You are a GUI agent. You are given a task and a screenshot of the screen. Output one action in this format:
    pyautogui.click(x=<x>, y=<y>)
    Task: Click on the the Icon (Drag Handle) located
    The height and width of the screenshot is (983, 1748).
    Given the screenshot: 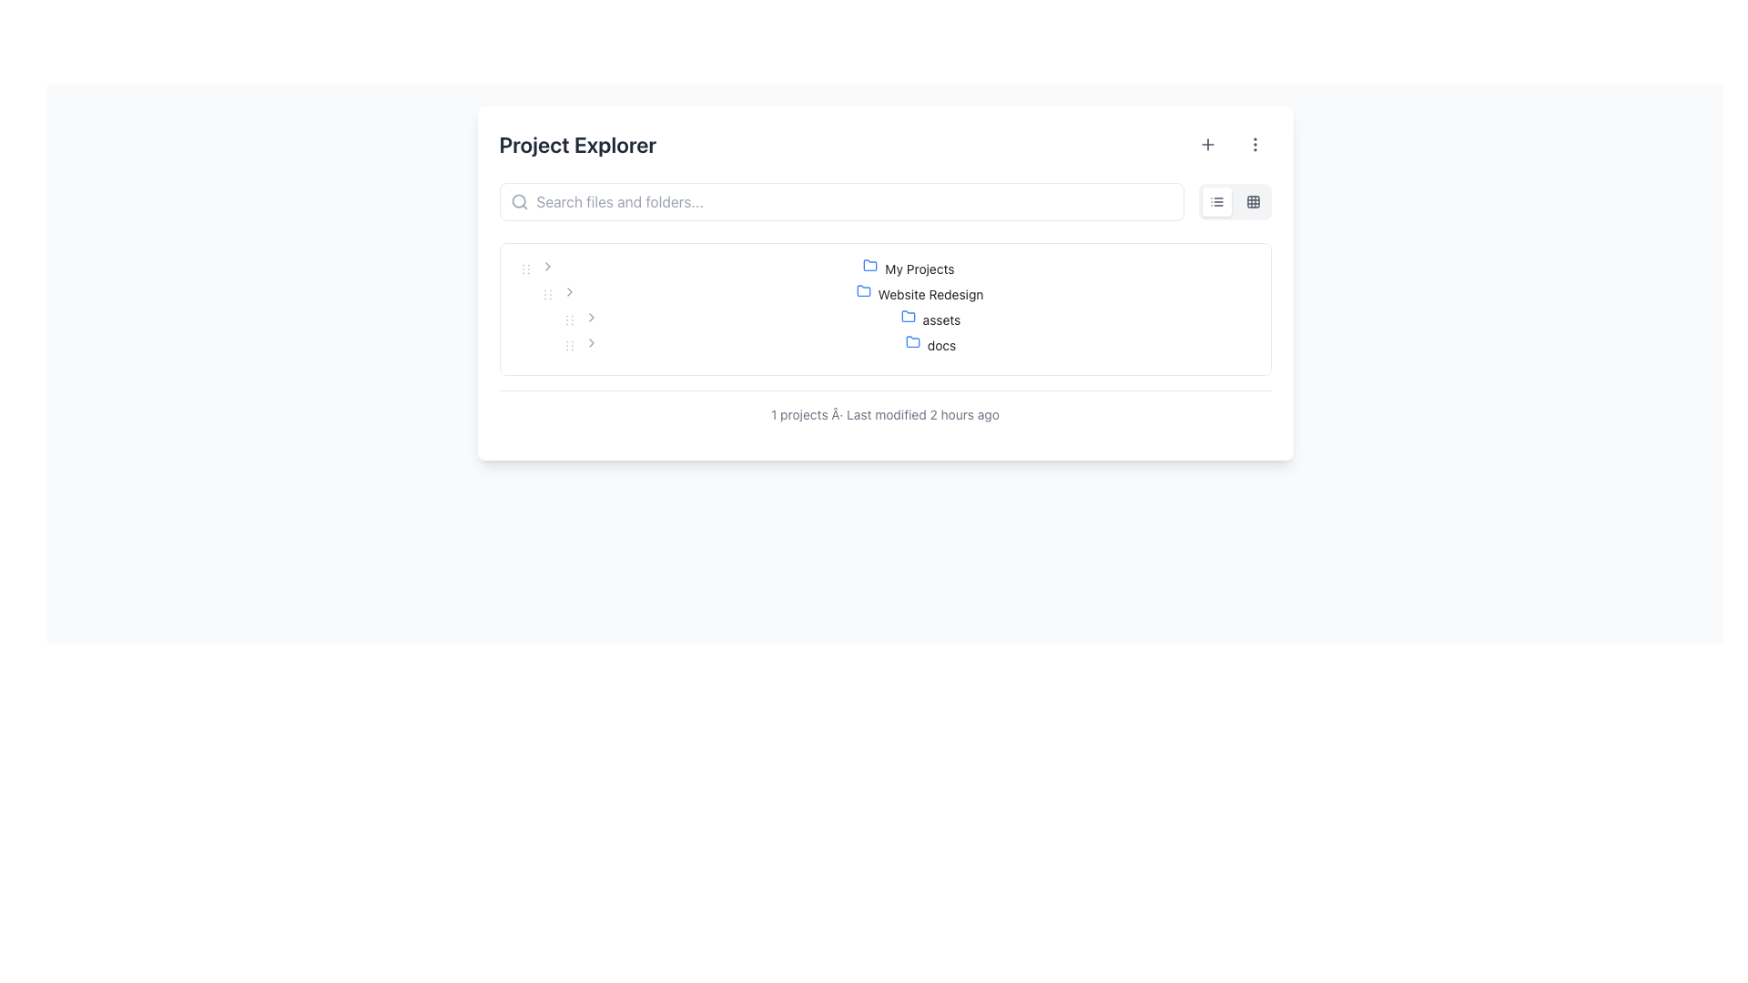 What is the action you would take?
    pyautogui.click(x=546, y=293)
    